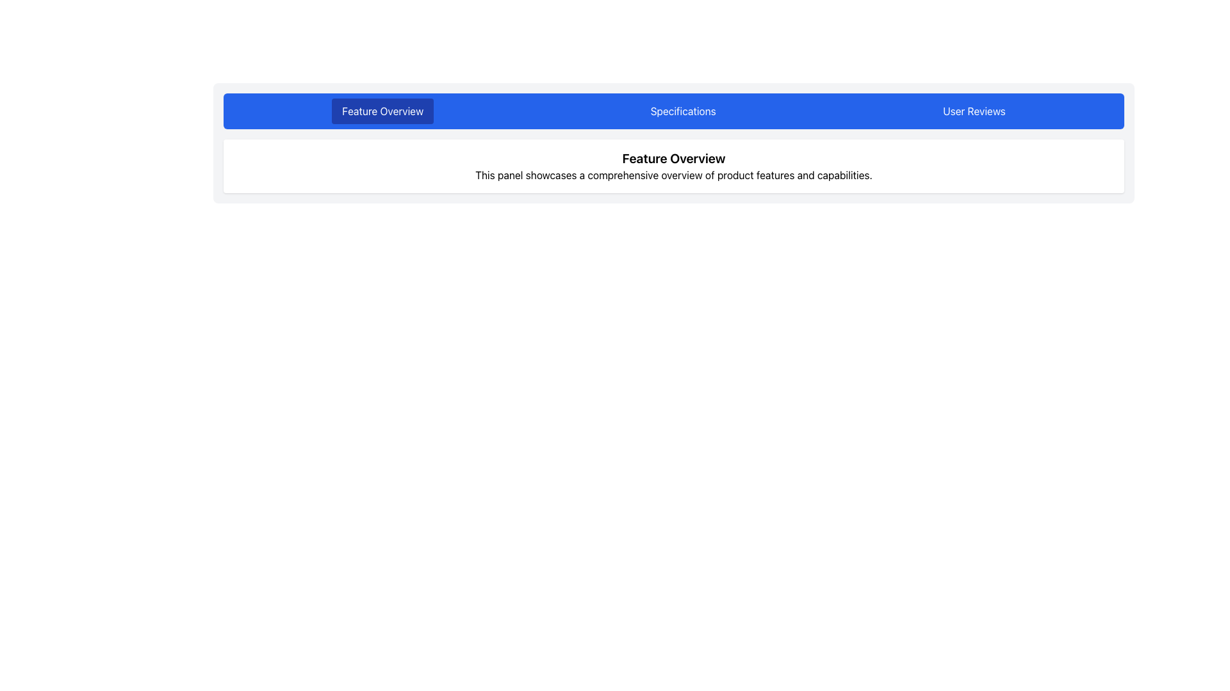 Image resolution: width=1230 pixels, height=691 pixels. I want to click on the 'Specifications' button, which is the second of three horizontally aligned buttons in the top section of the main content area, so click(682, 110).